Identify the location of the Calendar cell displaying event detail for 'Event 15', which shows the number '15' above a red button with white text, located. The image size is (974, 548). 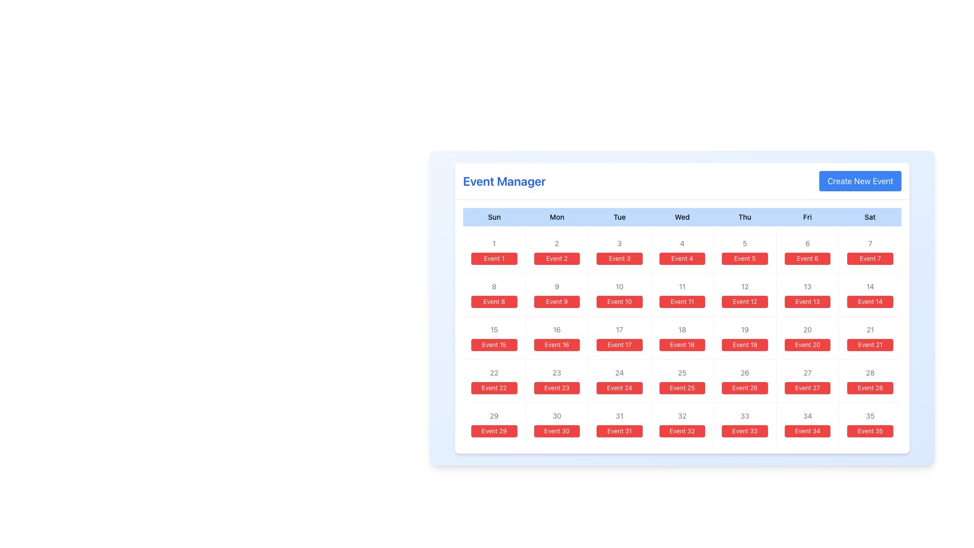
(494, 338).